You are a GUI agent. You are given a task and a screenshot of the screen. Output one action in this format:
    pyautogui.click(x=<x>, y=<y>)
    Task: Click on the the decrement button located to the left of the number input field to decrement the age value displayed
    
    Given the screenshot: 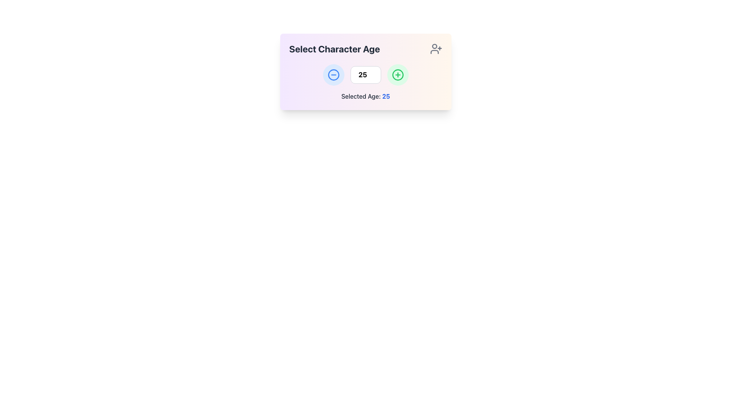 What is the action you would take?
    pyautogui.click(x=333, y=75)
    